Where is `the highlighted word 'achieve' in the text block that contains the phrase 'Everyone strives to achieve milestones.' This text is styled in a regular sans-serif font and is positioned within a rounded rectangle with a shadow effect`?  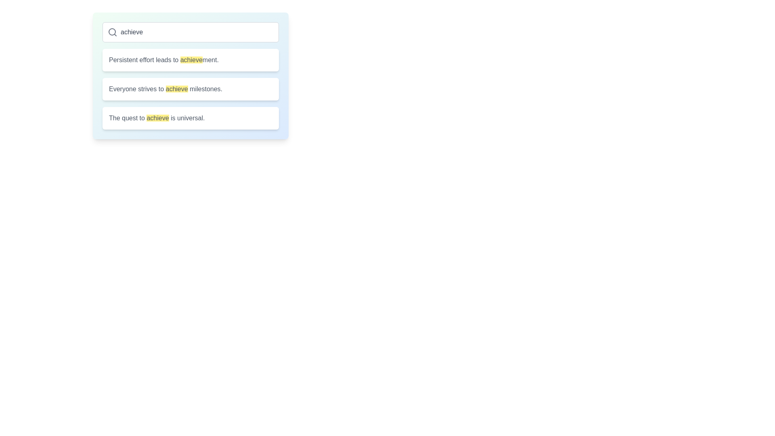 the highlighted word 'achieve' in the text block that contains the phrase 'Everyone strives to achieve milestones.' This text is styled in a regular sans-serif font and is positioned within a rounded rectangle with a shadow effect is located at coordinates (165, 89).